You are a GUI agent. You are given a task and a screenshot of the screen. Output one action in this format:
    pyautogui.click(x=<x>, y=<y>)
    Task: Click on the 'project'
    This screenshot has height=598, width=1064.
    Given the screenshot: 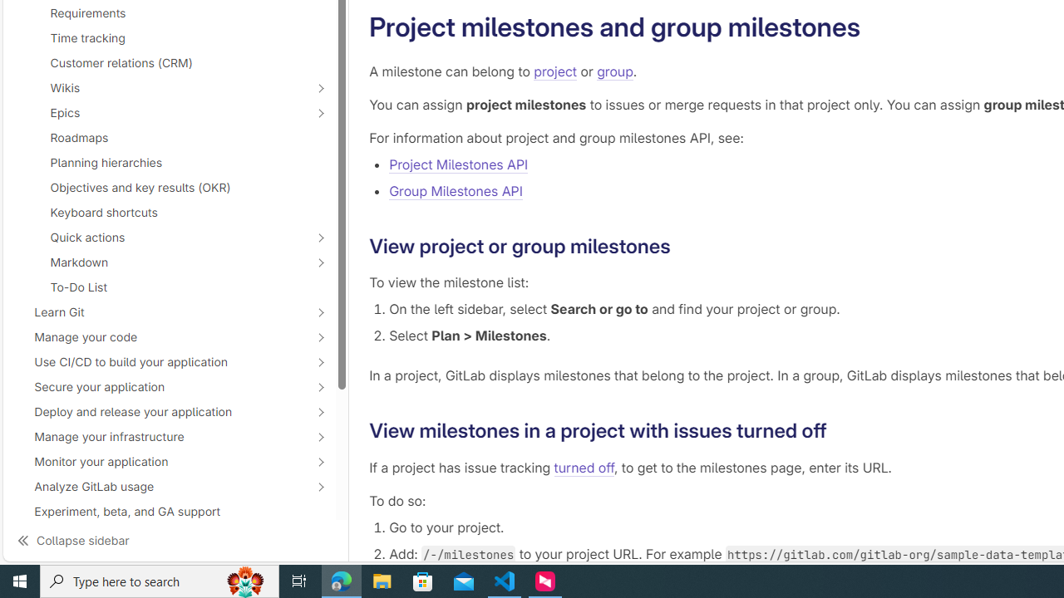 What is the action you would take?
    pyautogui.click(x=555, y=71)
    